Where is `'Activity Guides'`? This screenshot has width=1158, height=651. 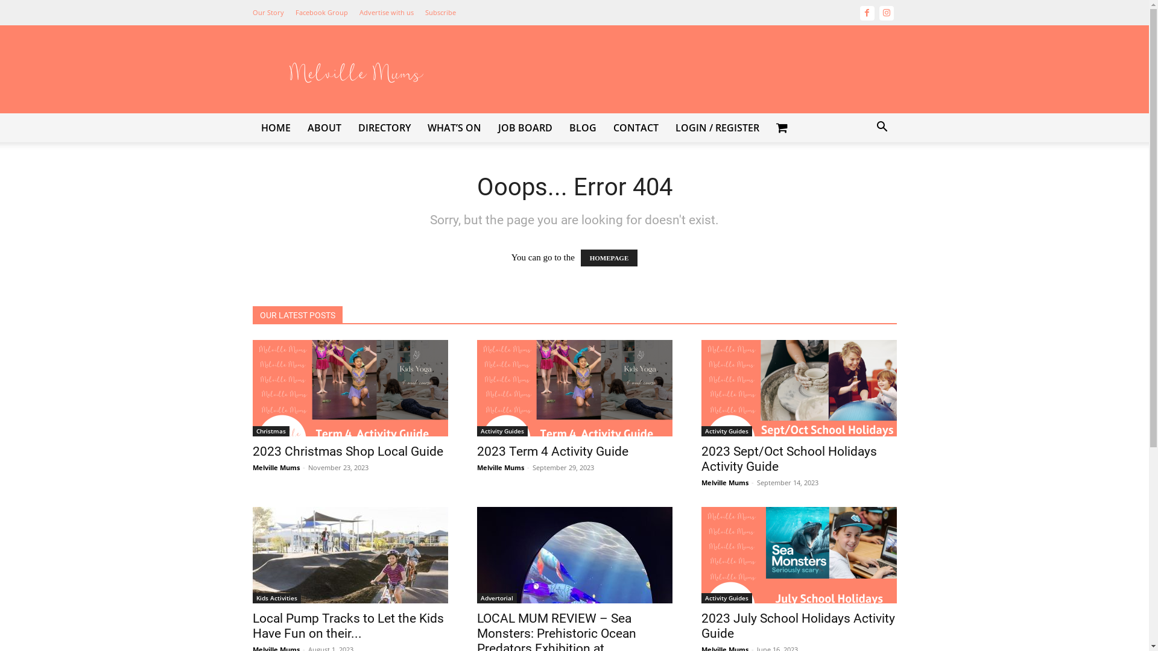
'Activity Guides' is located at coordinates (726, 430).